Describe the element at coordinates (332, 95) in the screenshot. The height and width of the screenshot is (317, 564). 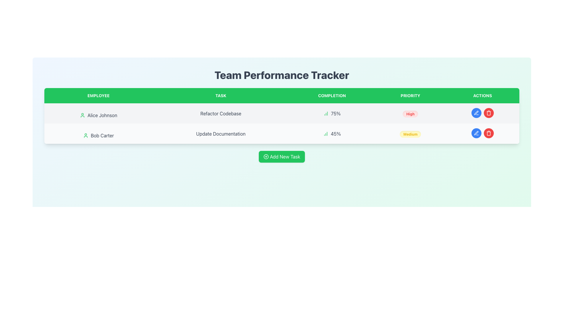
I see `the 'COMPLETION' text label, which is a rectangular green background with uppercase white letters, centrally aligned and positioned between 'Task' and 'Priority' labels` at that location.